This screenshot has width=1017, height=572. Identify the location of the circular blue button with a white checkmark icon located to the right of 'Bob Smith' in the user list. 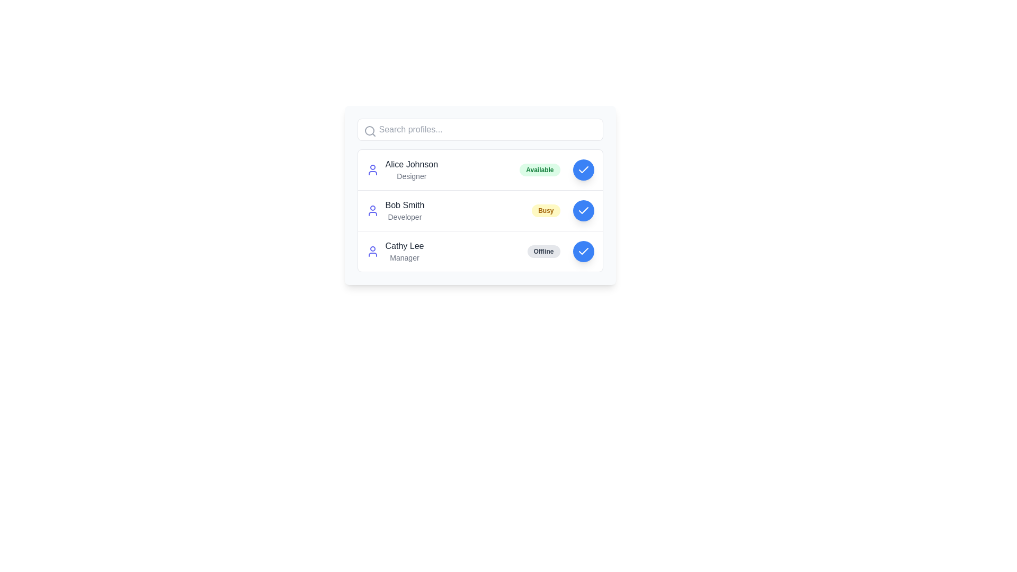
(583, 210).